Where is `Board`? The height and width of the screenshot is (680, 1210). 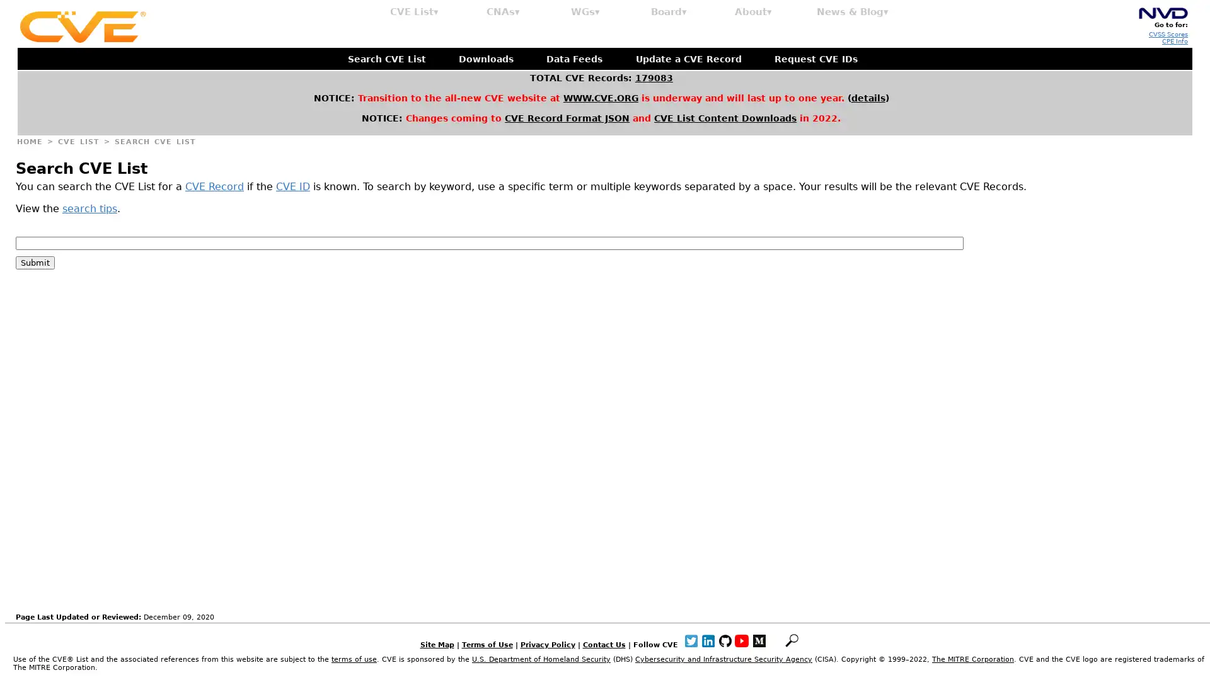
Board is located at coordinates (668, 12).